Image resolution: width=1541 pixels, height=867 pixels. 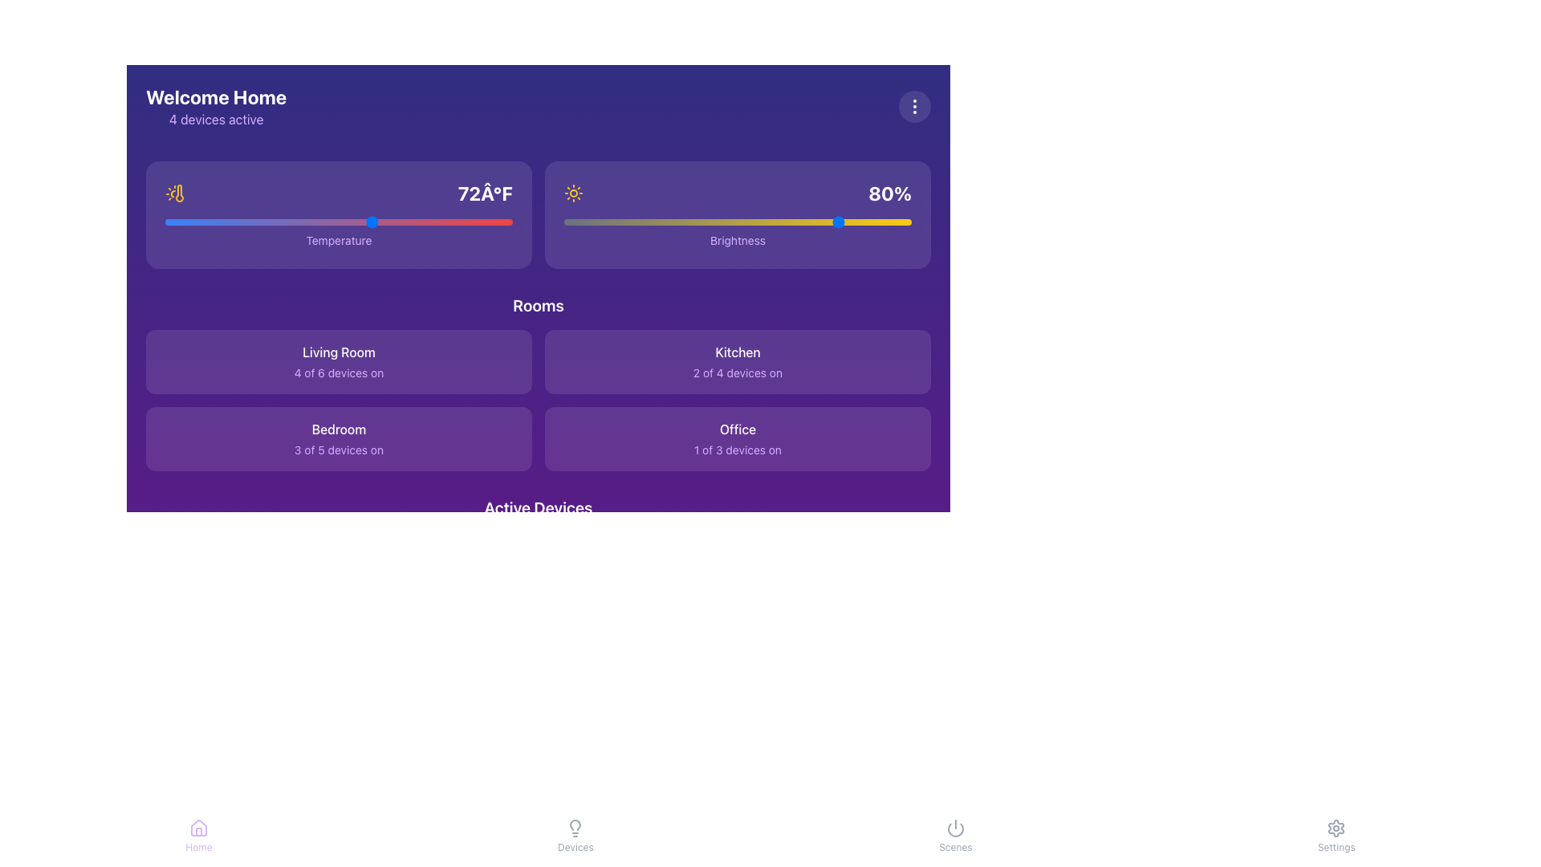 I want to click on the Informational Card titled 'Office' which displays the subtitle '1 of 3 devices on'. This card is the last in the second row of the grid layout titled 'Rooms', so click(x=737, y=439).